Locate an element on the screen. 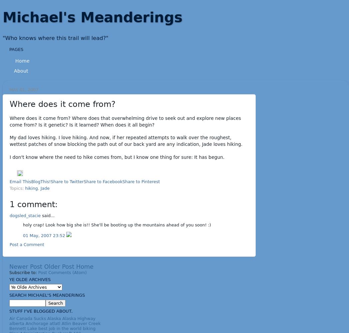  'Older Post' is located at coordinates (59, 266).